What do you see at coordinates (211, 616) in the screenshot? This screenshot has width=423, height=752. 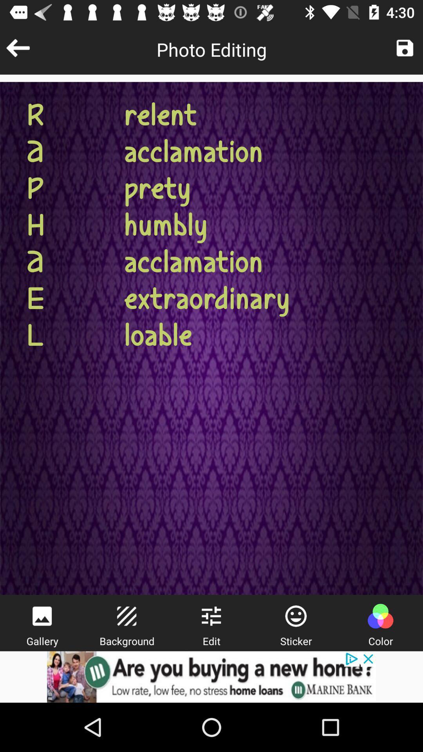 I see `edits the photo` at bounding box center [211, 616].